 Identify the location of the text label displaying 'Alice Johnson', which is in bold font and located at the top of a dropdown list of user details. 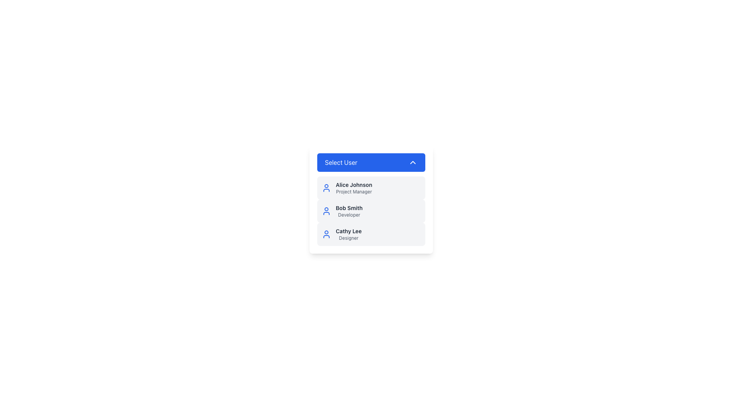
(354, 185).